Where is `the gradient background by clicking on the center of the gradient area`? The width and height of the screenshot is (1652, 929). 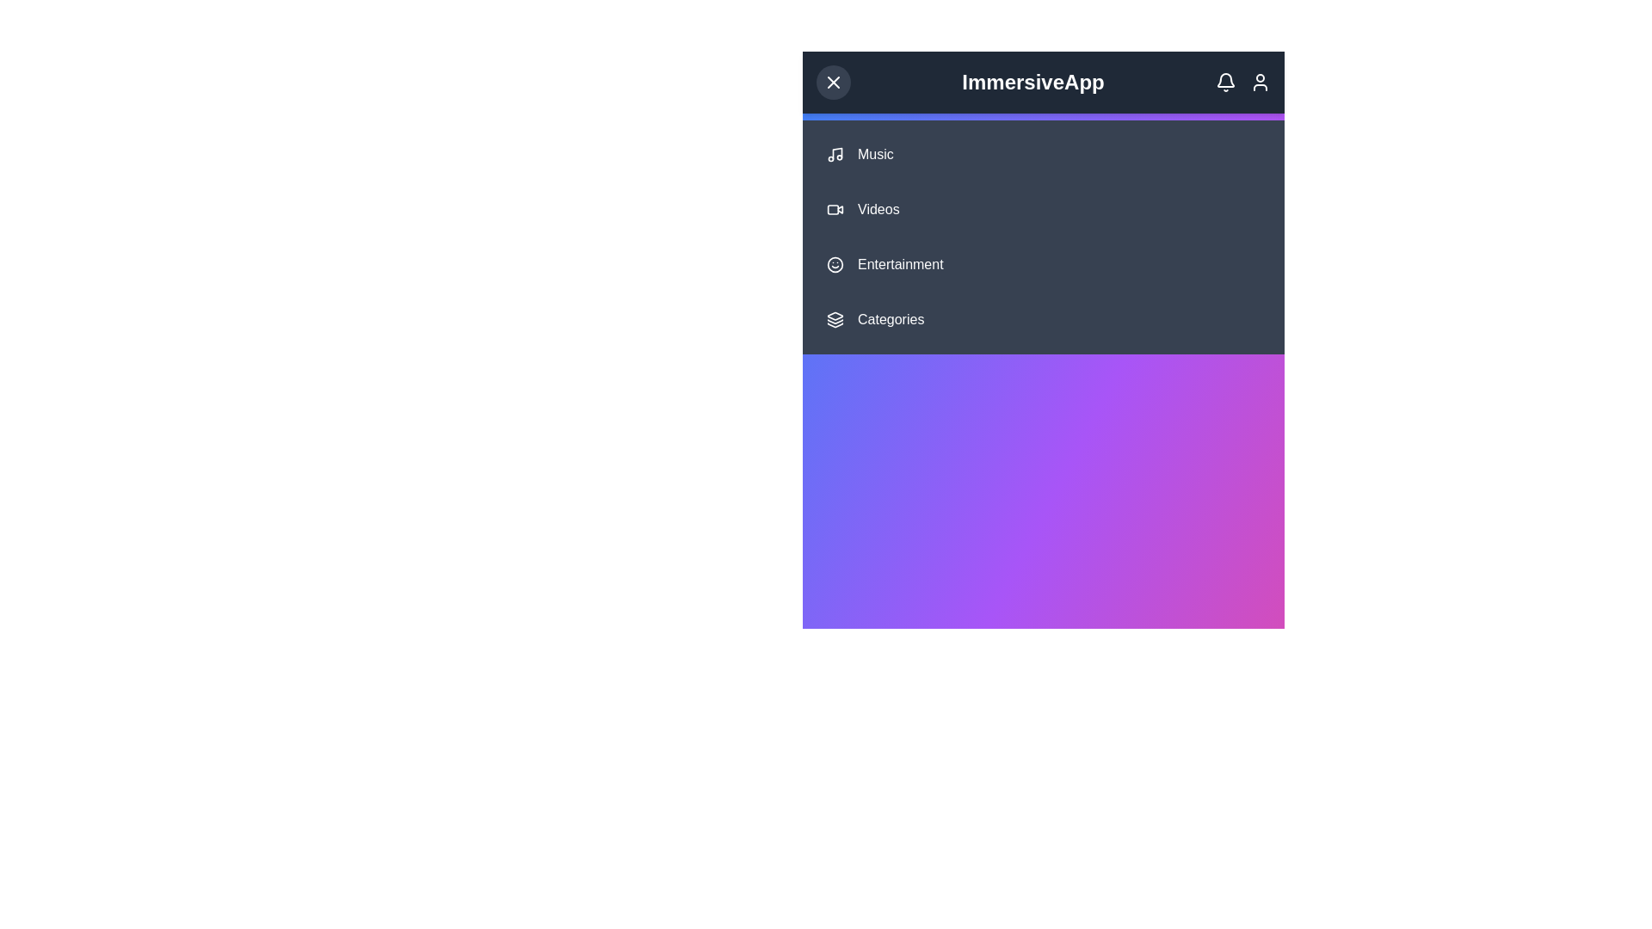 the gradient background by clicking on the center of the gradient area is located at coordinates (1043, 515).